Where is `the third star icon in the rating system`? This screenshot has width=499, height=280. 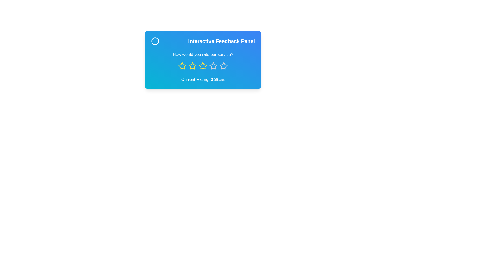 the third star icon in the rating system is located at coordinates (203, 66).